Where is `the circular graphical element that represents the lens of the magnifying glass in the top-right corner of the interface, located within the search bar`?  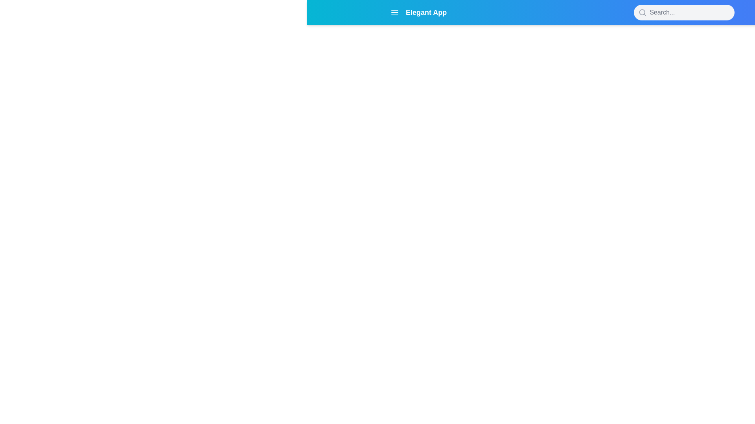 the circular graphical element that represents the lens of the magnifying glass in the top-right corner of the interface, located within the search bar is located at coordinates (642, 12).